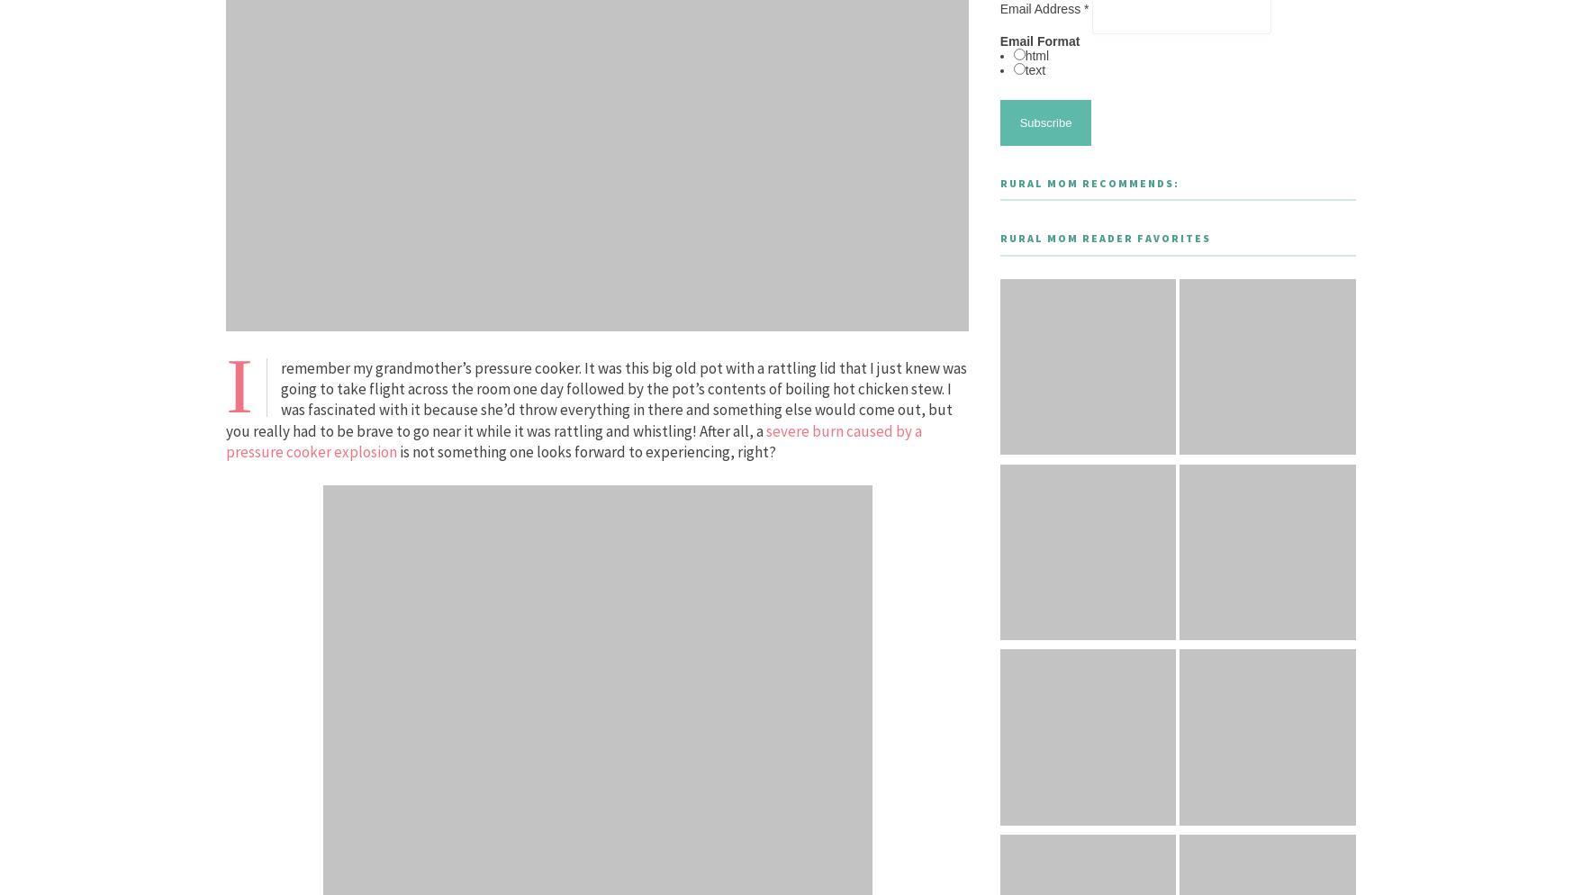 The image size is (1582, 895). I want to click on '*', so click(1085, 9).